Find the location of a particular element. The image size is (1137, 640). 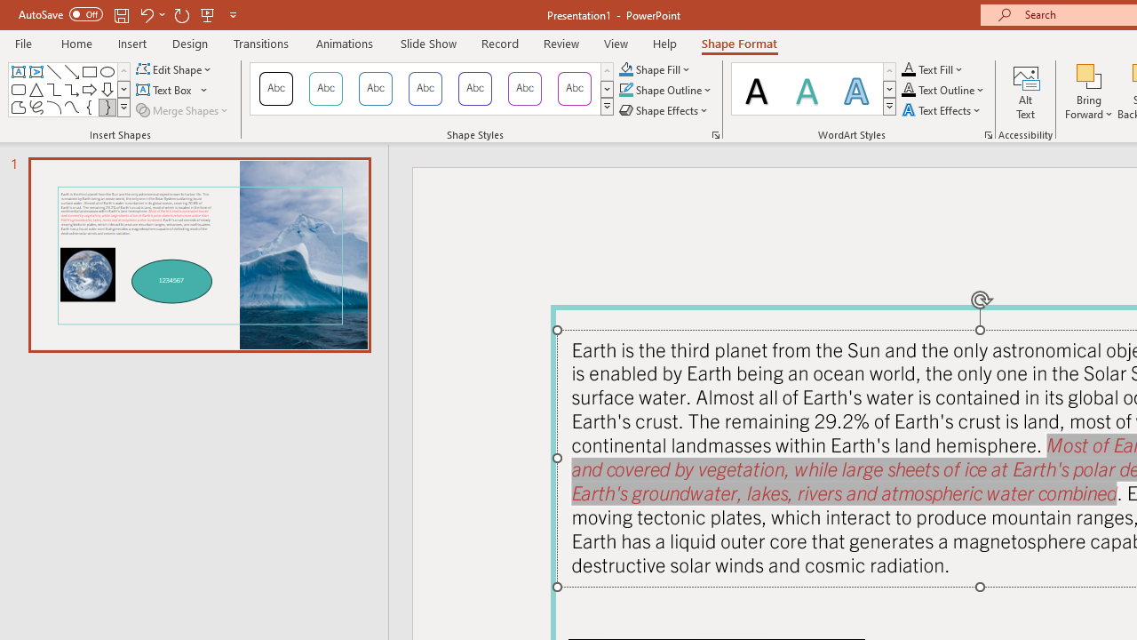

'Undo' is located at coordinates (146, 14).